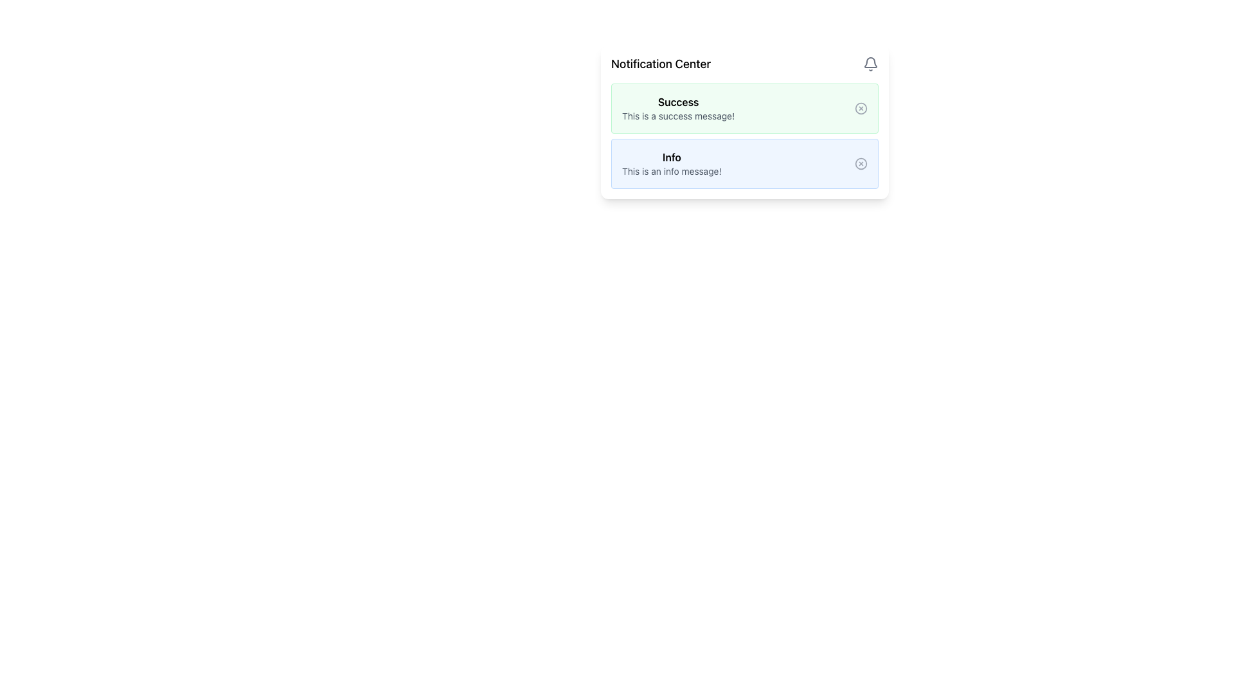  Describe the element at coordinates (744, 121) in the screenshot. I see `success message displayed in the Notification Card with a light green background that shows 'Success' and 'This is a success message!'` at that location.